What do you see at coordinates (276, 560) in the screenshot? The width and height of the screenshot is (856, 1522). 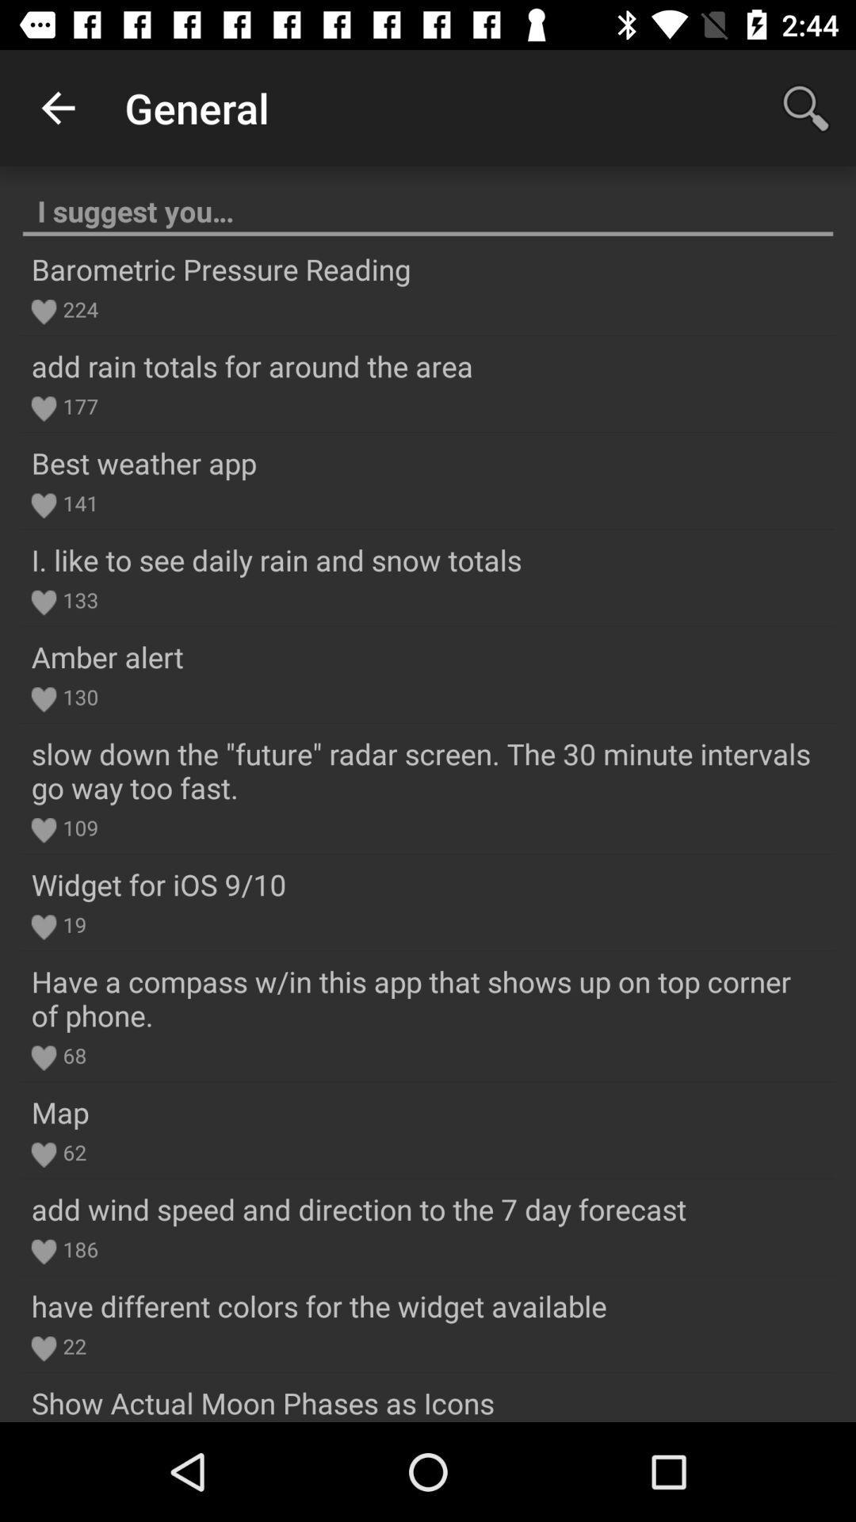 I see `the icon above the 133 item` at bounding box center [276, 560].